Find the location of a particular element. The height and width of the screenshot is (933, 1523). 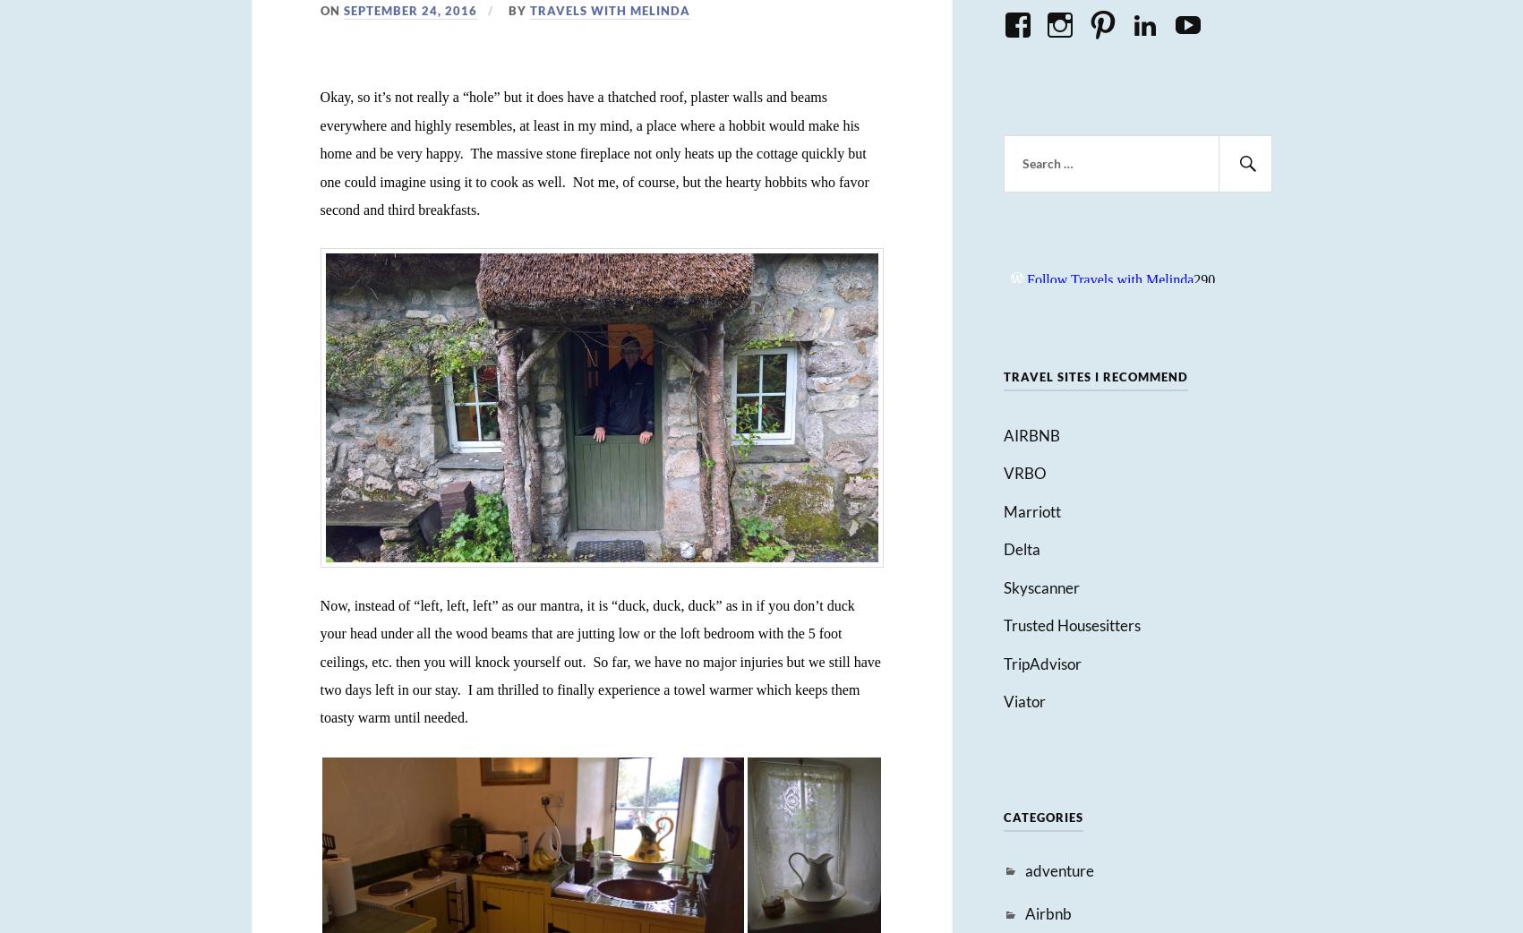

'September 24, 2016' is located at coordinates (408, 9).